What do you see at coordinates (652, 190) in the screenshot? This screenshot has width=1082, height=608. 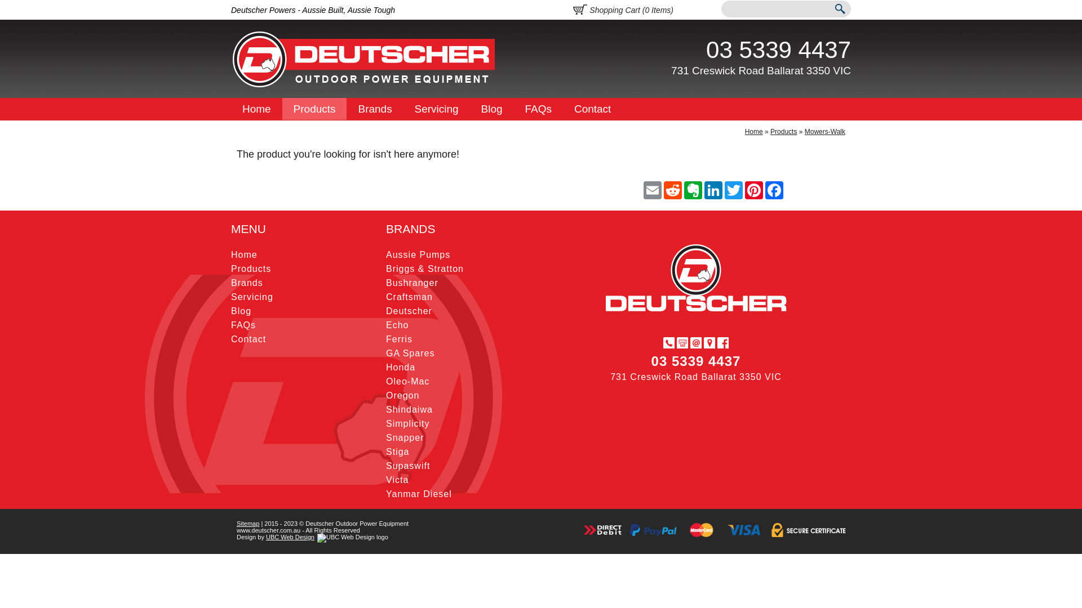 I see `'Email'` at bounding box center [652, 190].